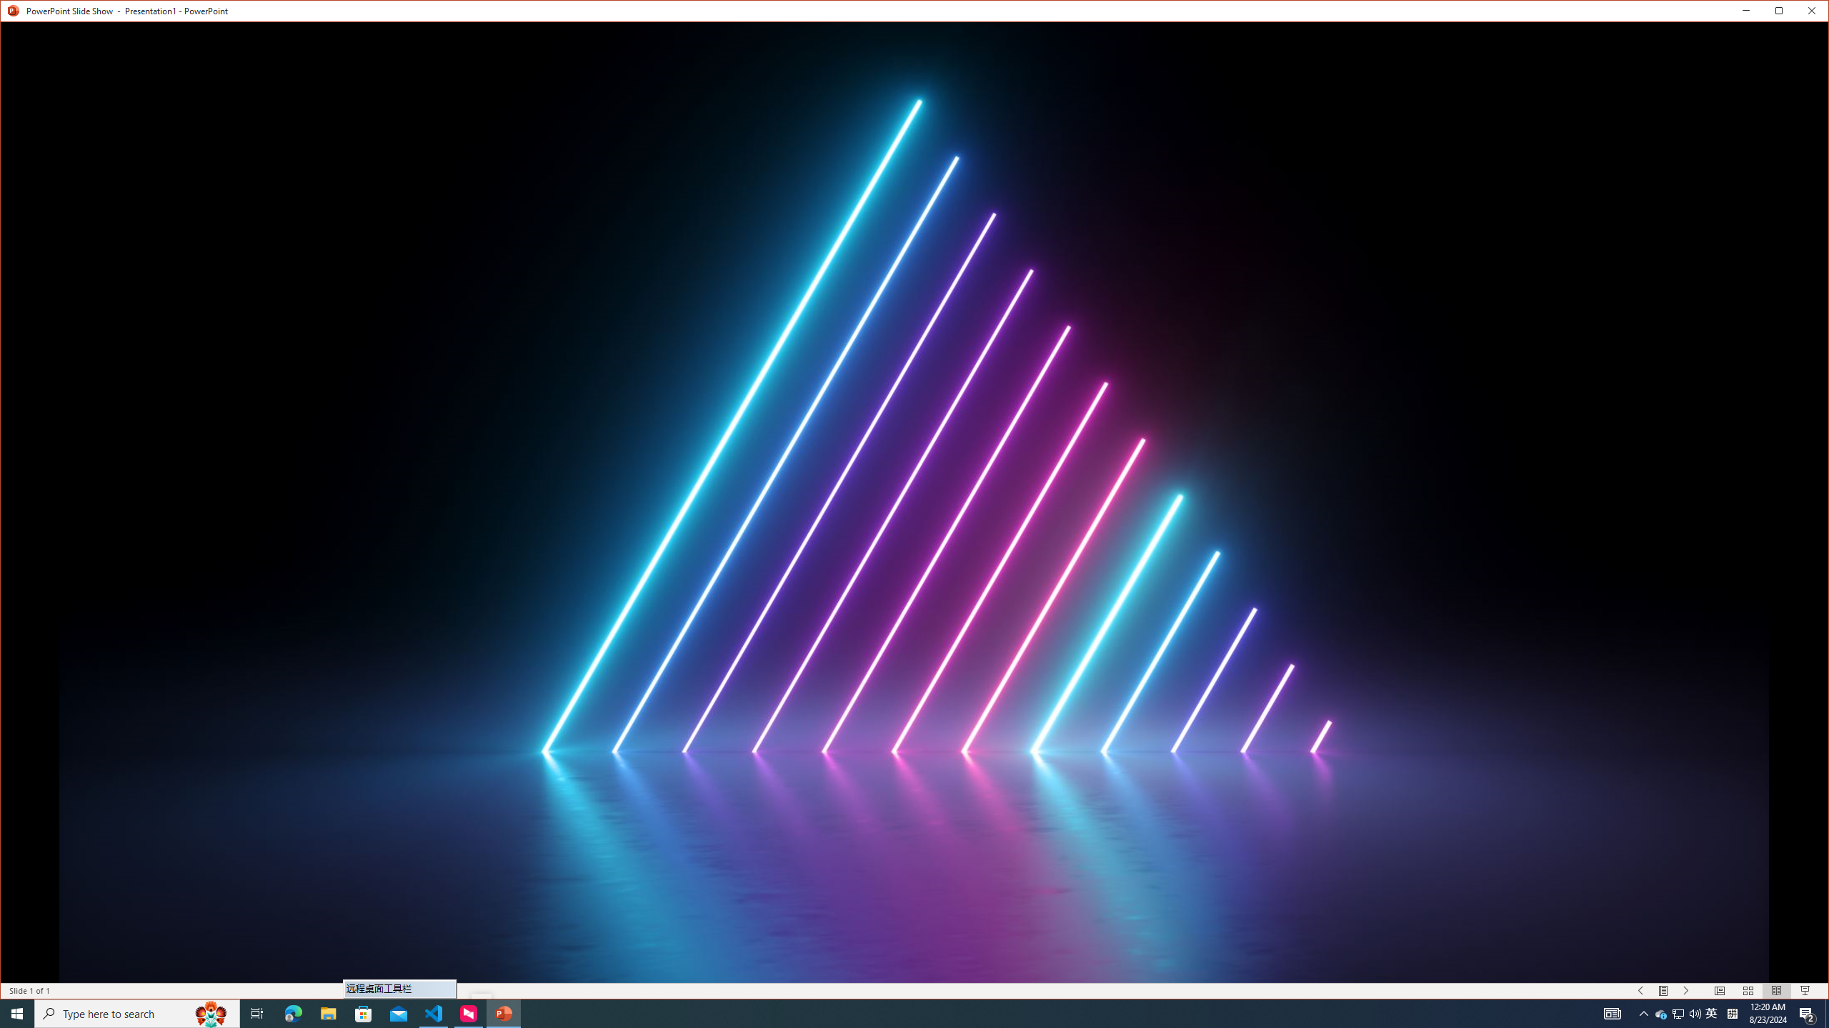 Image resolution: width=1829 pixels, height=1028 pixels. I want to click on 'Menu On', so click(1663, 990).